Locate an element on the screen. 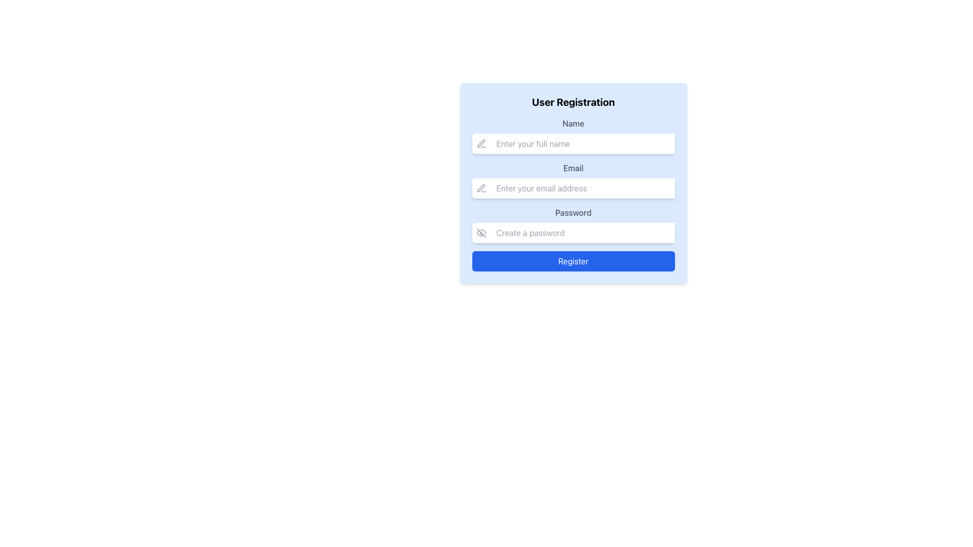  the gray pen icon located to the left of the 'Name' input field in the 'User Registration' form, which is the second icon in its group is located at coordinates (480, 143).